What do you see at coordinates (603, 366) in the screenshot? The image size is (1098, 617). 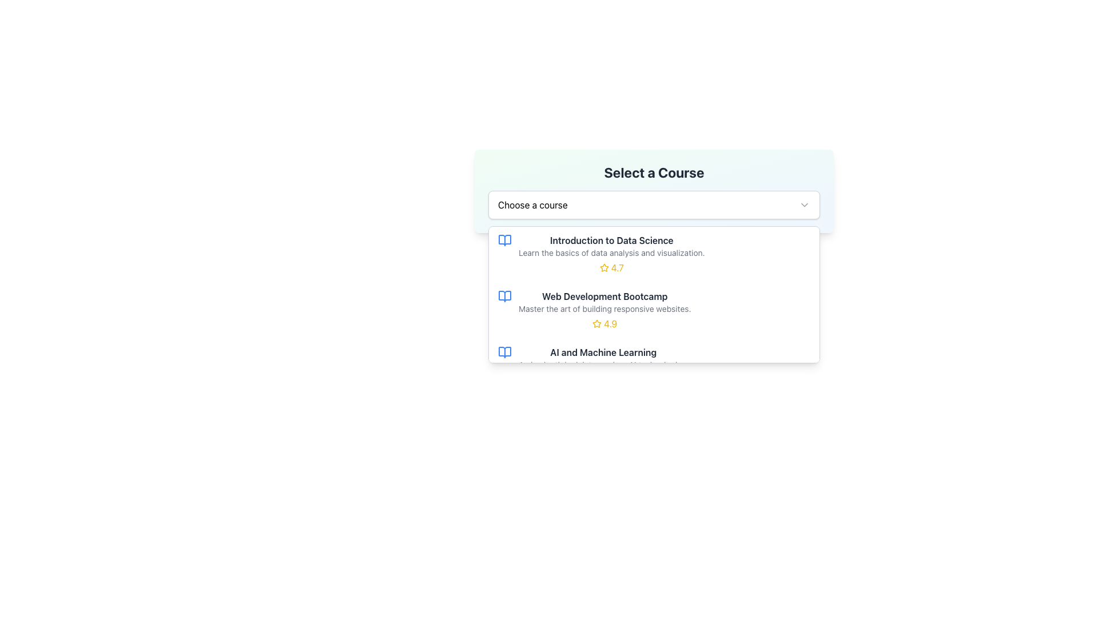 I see `the list item titled 'AI and Machine Learning' in the dropdown course selection menu` at bounding box center [603, 366].